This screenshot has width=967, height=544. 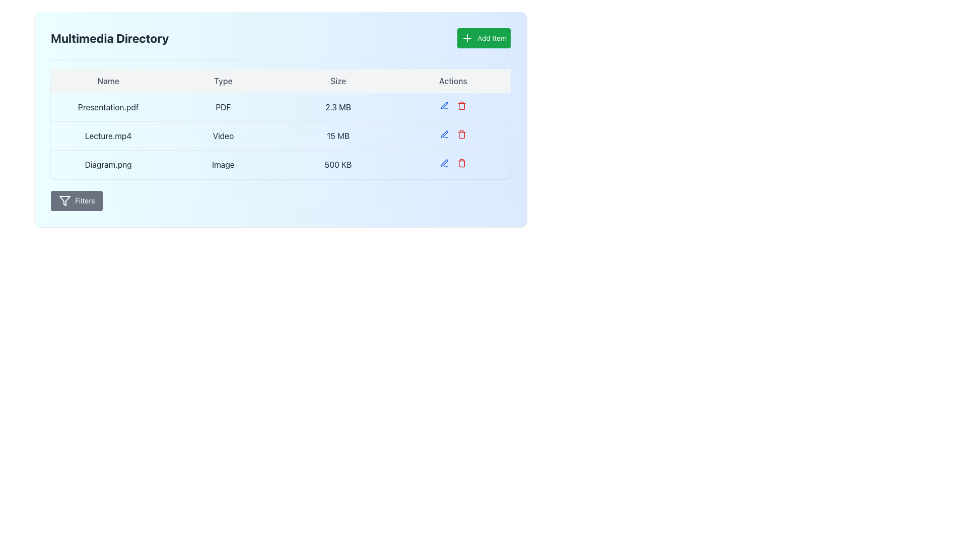 I want to click on the text label displaying 'Video' in the second row of the table under the 'Type' column, adjacent to 'Lecture.mp4', so click(x=223, y=136).